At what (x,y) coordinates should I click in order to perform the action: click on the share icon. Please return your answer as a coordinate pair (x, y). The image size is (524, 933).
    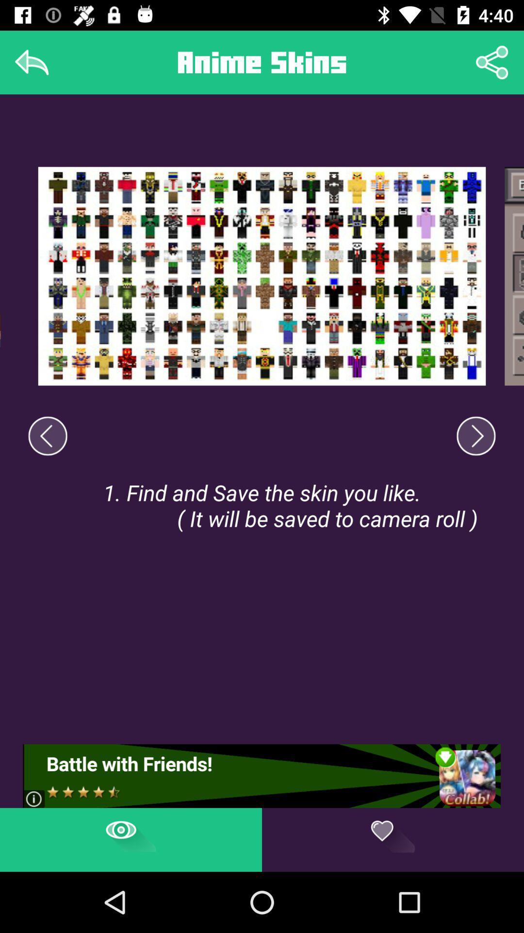
    Looking at the image, I should click on (492, 62).